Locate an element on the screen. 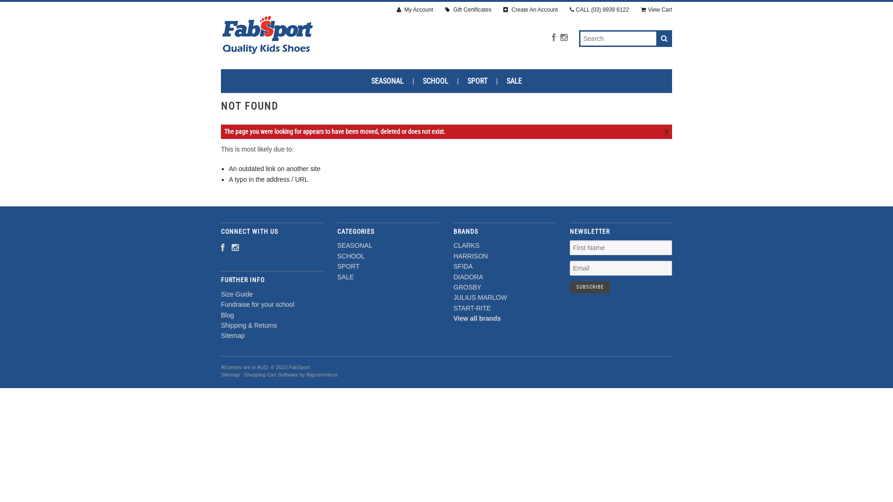  'Blog' is located at coordinates (227, 315).